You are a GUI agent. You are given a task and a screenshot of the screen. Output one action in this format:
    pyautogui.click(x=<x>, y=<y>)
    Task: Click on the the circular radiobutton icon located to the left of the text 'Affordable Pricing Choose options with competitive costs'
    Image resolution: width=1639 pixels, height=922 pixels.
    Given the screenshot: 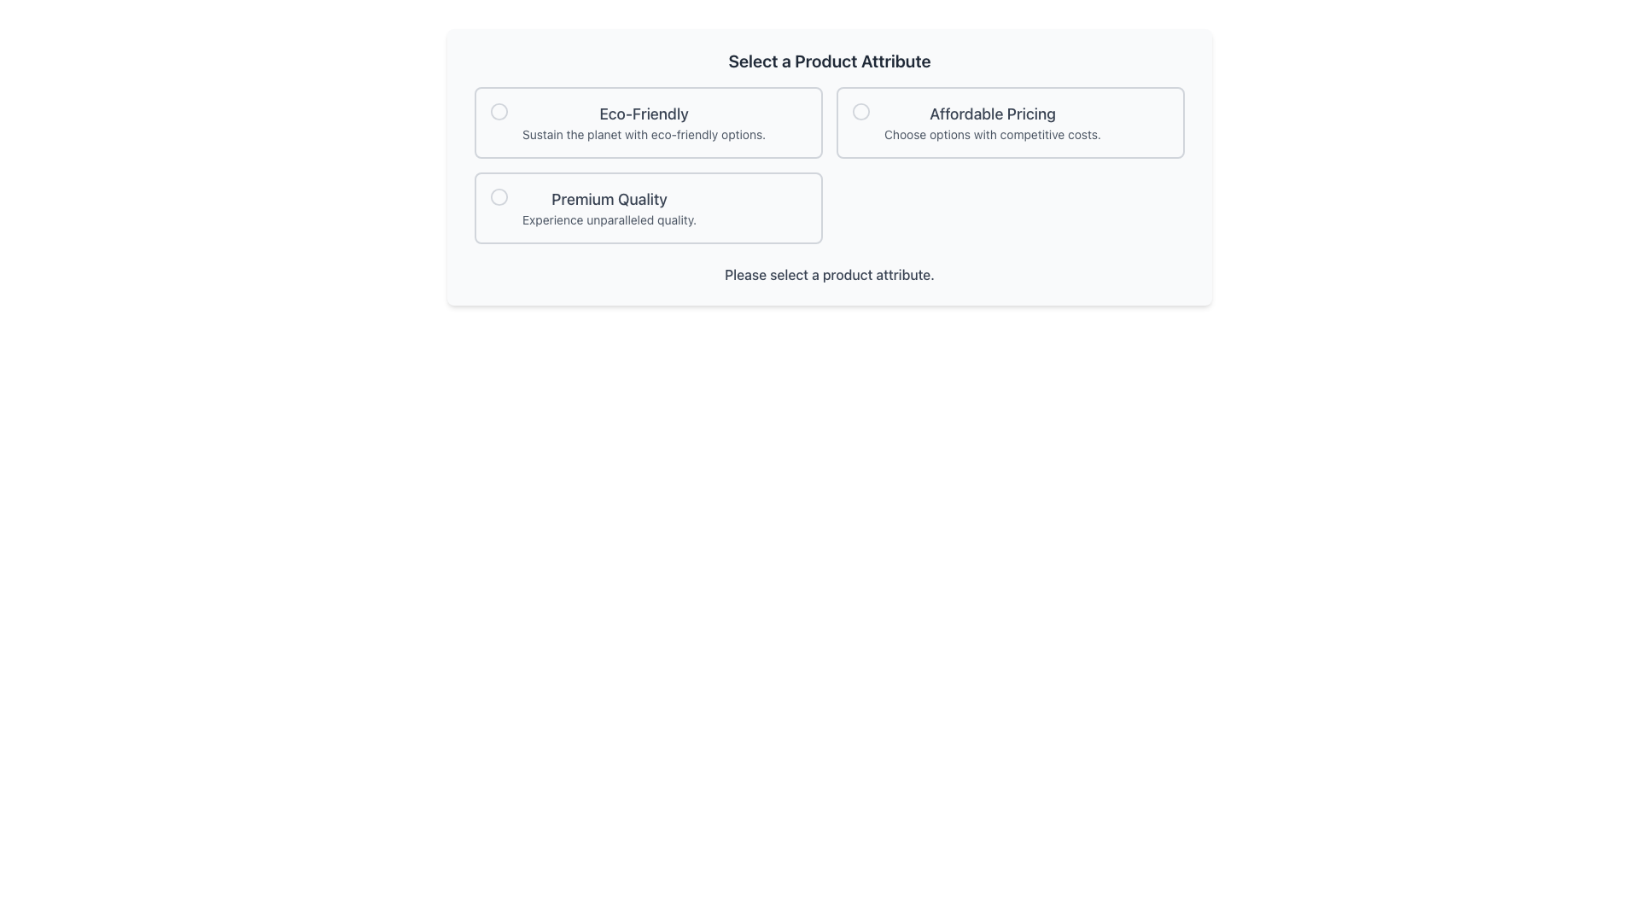 What is the action you would take?
    pyautogui.click(x=860, y=112)
    